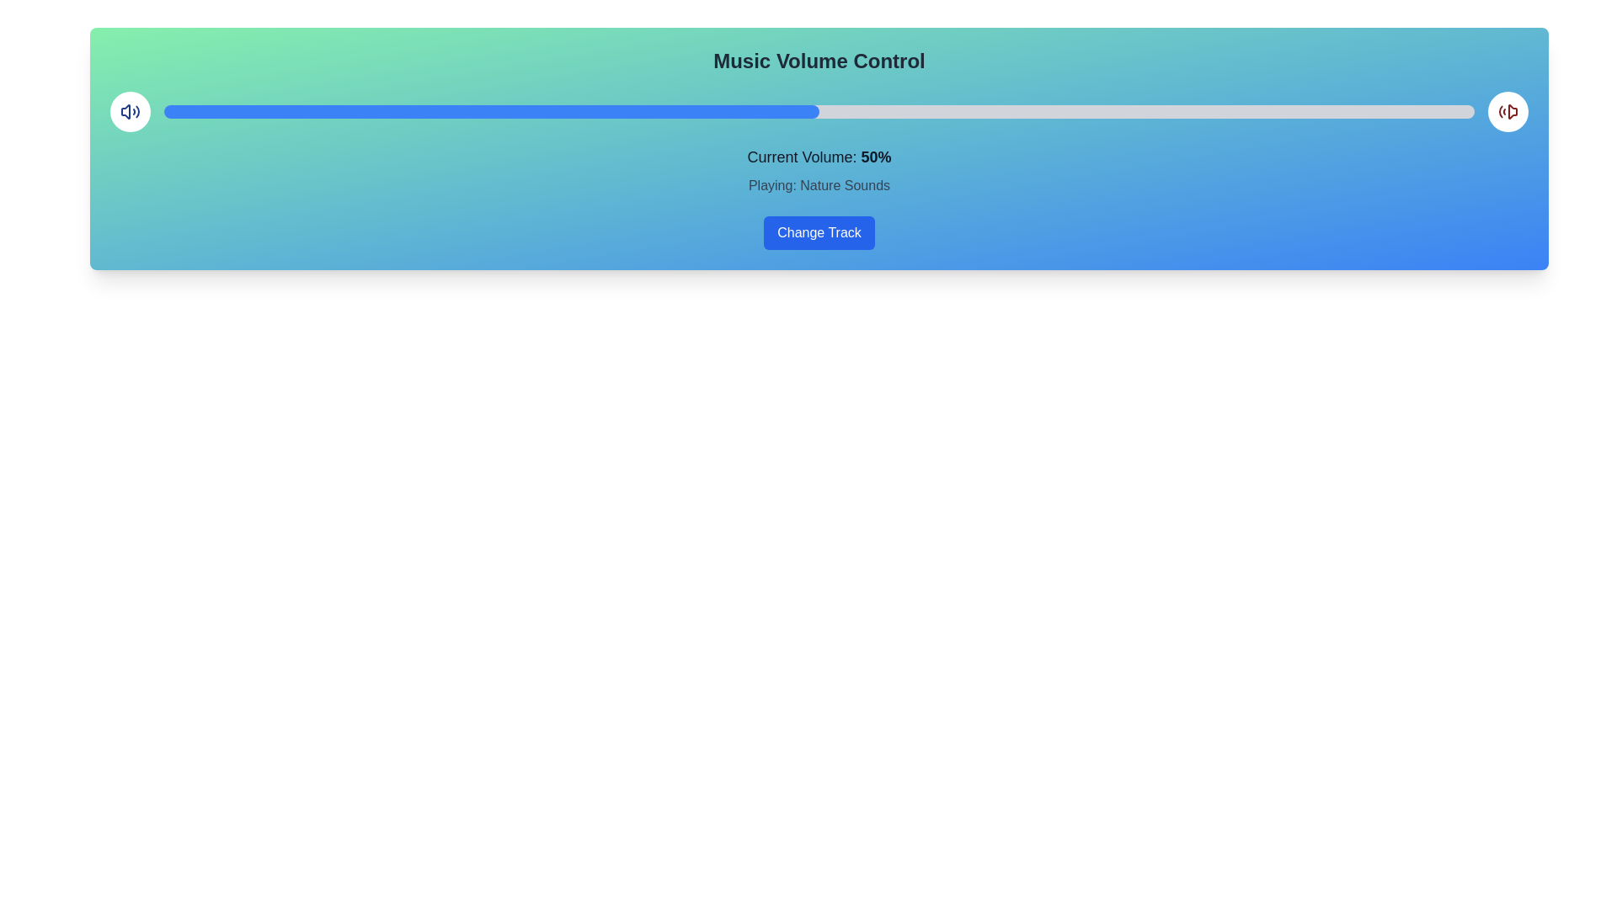 This screenshot has height=909, width=1617. Describe the element at coordinates (876, 157) in the screenshot. I see `the label displaying '50%' in bold black font on a light blue background, located to the right of 'Current Volume:' and slightly below the progress bar` at that location.